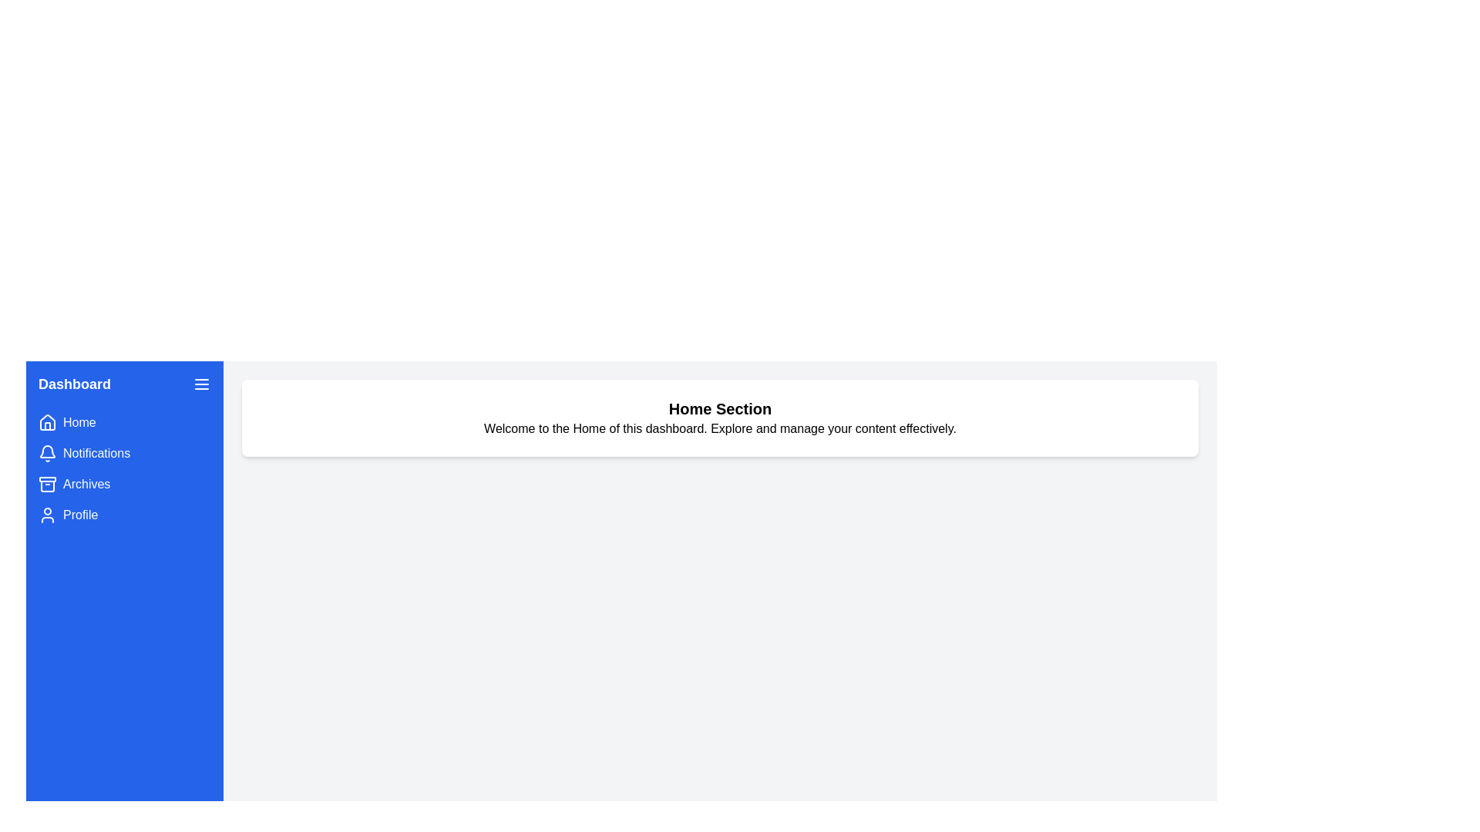 The height and width of the screenshot is (832, 1480). What do you see at coordinates (48, 453) in the screenshot?
I see `the Notifications icon in the vertical navigation bar` at bounding box center [48, 453].